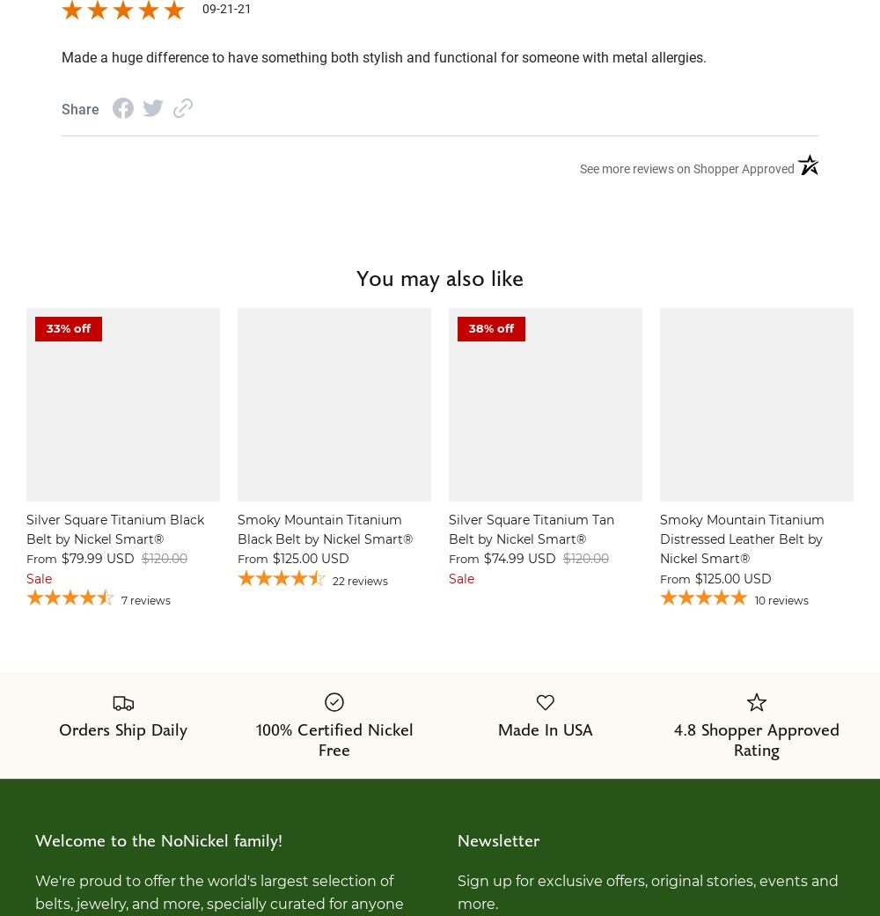  What do you see at coordinates (660, 539) in the screenshot?
I see `'Smoky Mountain Titanium Distressed Leather Belt by Nickel Smart®'` at bounding box center [660, 539].